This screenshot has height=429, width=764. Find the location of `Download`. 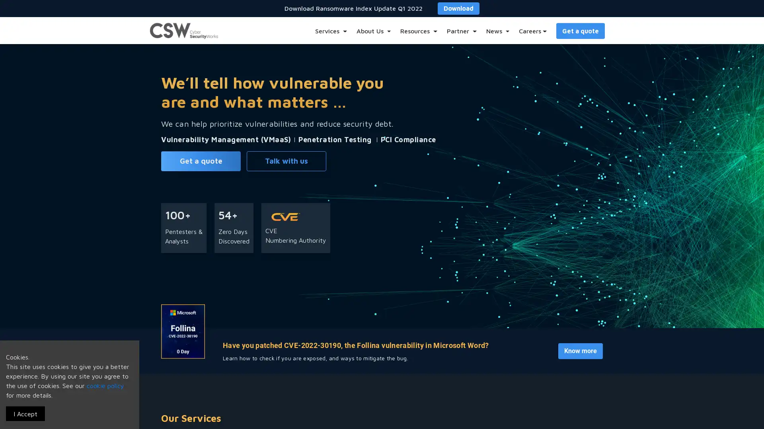

Download is located at coordinates (458, 8).